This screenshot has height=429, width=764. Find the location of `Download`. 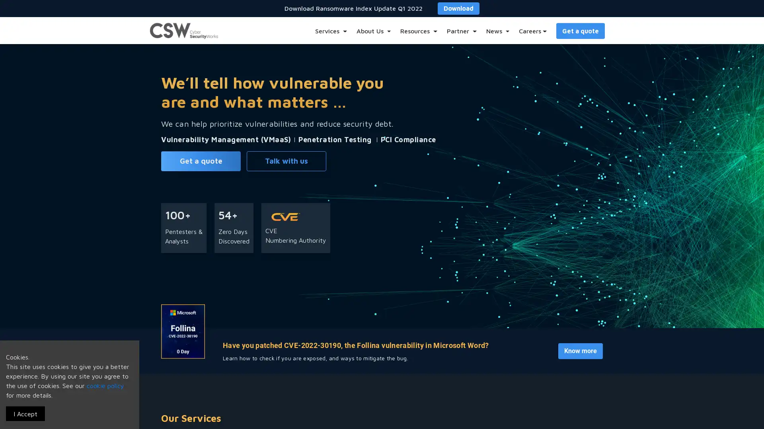

Download is located at coordinates (458, 8).